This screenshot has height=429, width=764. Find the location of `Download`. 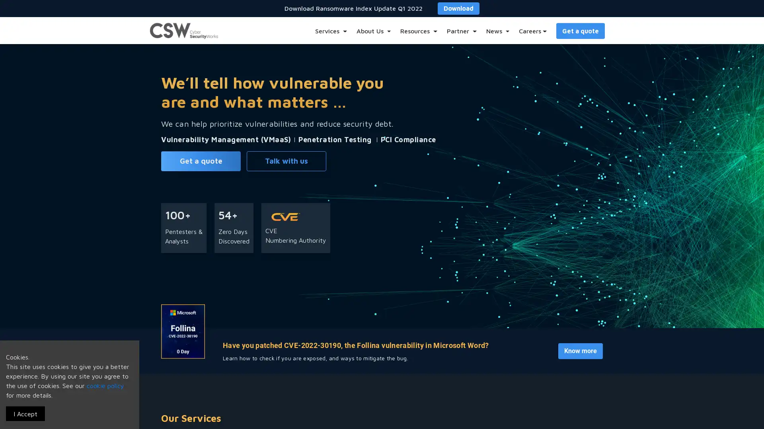

Download is located at coordinates (458, 8).